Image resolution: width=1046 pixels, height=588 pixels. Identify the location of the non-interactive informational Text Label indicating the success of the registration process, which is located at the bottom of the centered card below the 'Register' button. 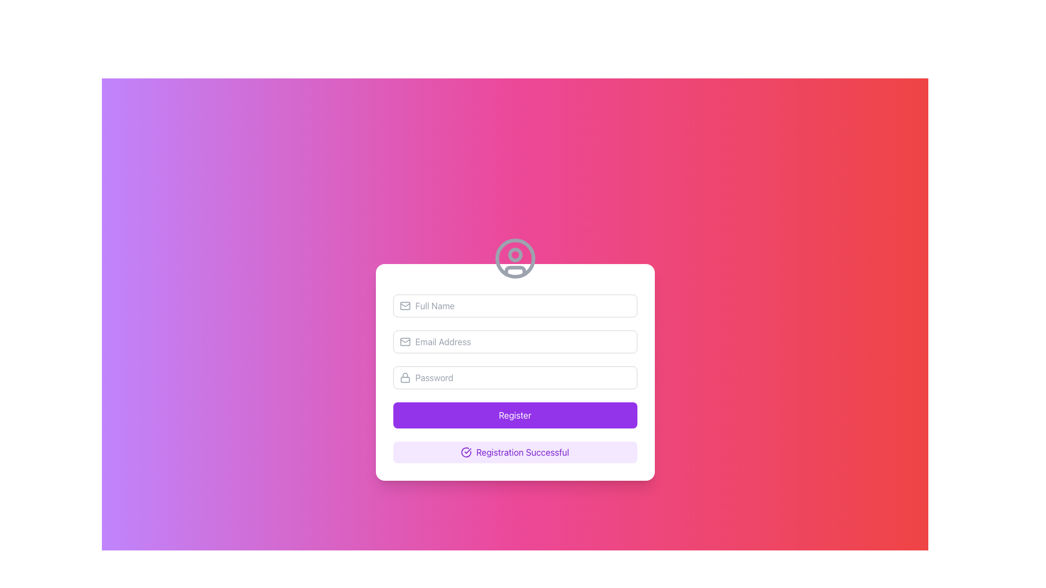
(514, 452).